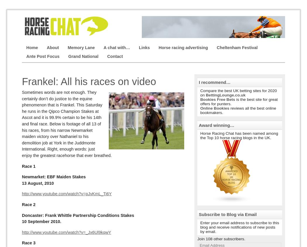 This screenshot has height=247, width=307. What do you see at coordinates (238, 110) in the screenshot?
I see `'reviews all the best online bookmakers.'` at bounding box center [238, 110].